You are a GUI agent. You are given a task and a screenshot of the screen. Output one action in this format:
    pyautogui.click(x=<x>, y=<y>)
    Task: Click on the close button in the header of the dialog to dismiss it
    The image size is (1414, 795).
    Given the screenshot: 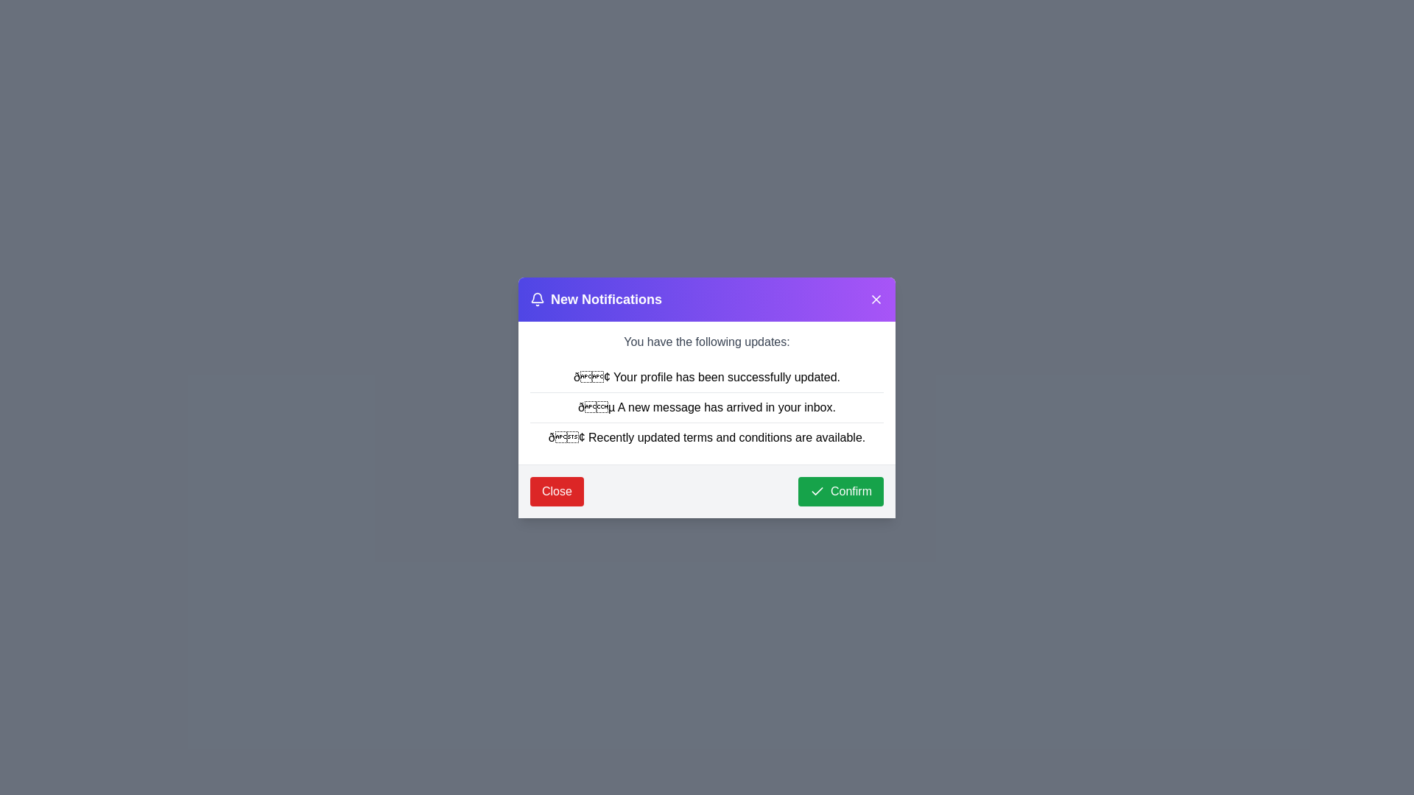 What is the action you would take?
    pyautogui.click(x=876, y=298)
    